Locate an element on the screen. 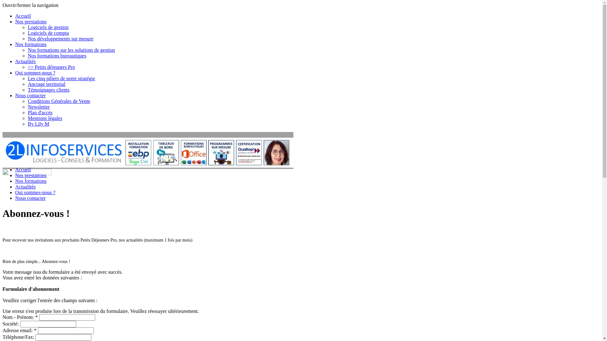 The width and height of the screenshot is (607, 341). 'Qui sommes-nous ?' is located at coordinates (35, 72).